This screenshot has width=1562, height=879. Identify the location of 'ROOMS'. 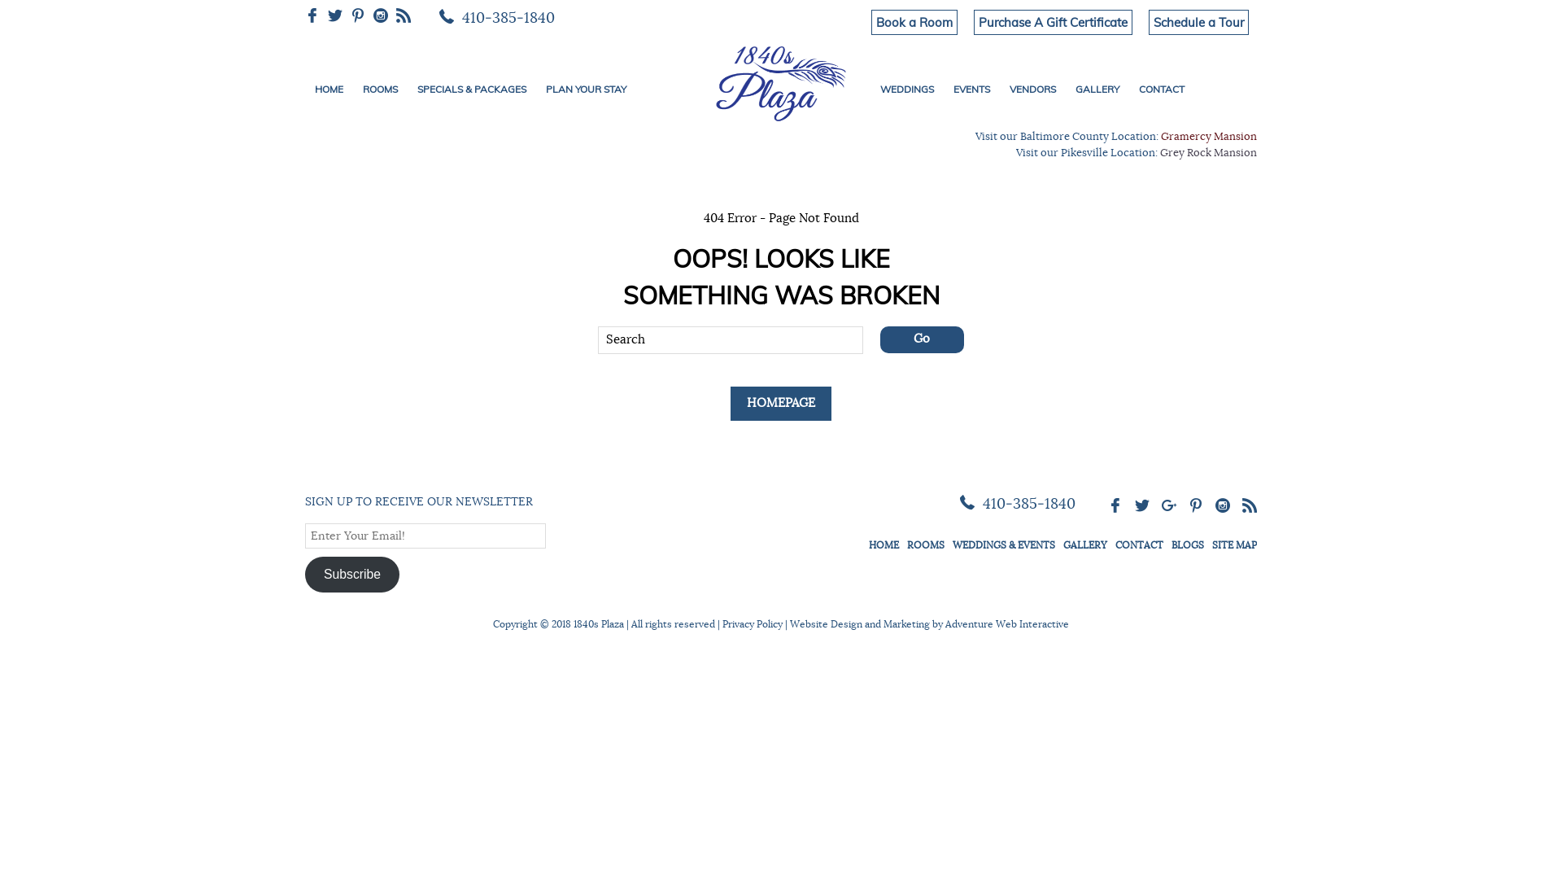
(379, 90).